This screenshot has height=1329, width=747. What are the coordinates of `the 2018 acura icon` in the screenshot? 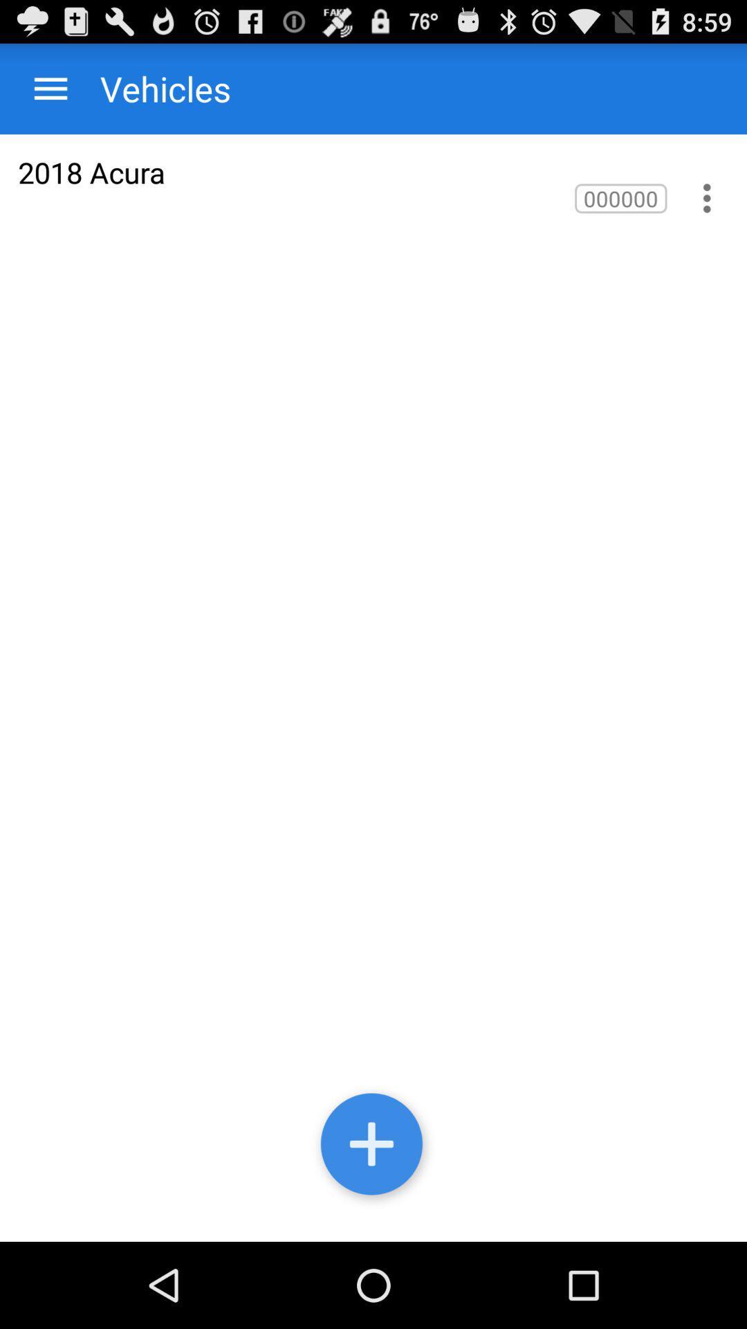 It's located at (91, 172).